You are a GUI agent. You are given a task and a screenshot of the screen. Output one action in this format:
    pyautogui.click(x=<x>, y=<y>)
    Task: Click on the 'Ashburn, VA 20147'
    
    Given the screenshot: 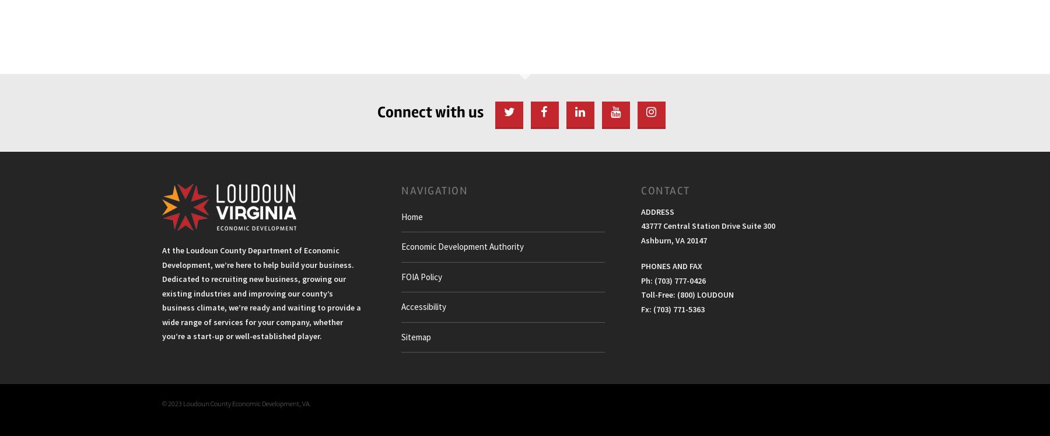 What is the action you would take?
    pyautogui.click(x=673, y=239)
    